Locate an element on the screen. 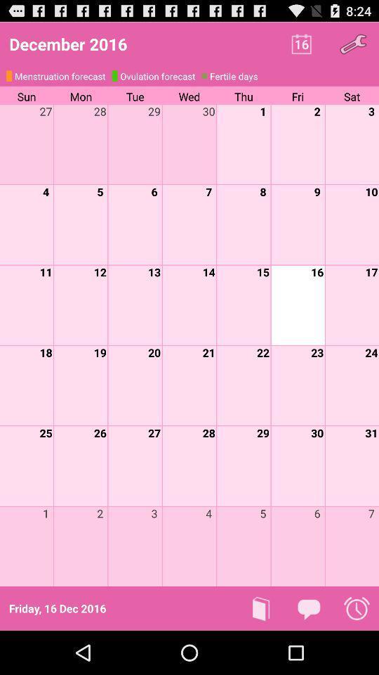 The height and width of the screenshot is (675, 379). the time icon is located at coordinates (357, 651).